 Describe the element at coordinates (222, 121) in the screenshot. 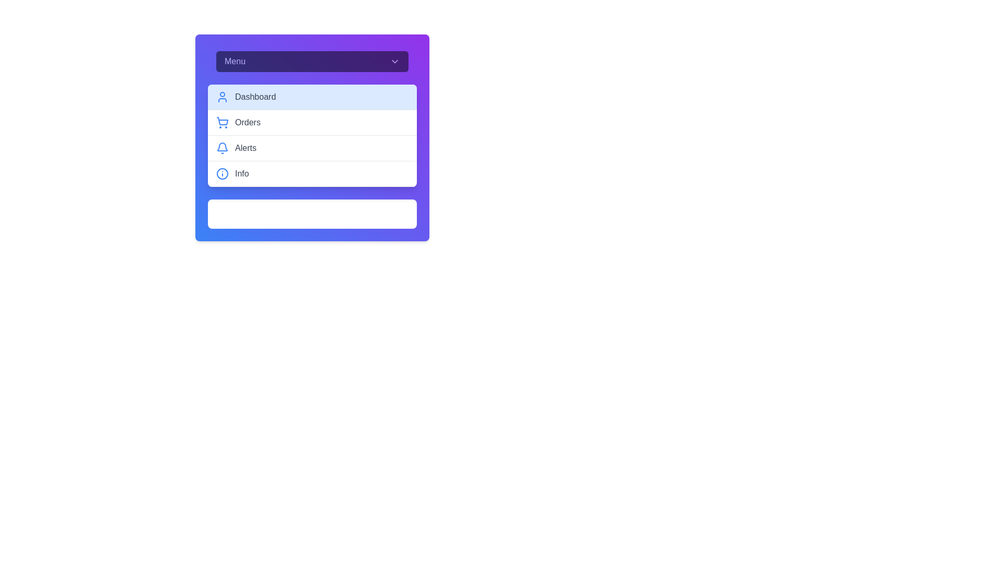

I see `the shopping cart icon in the vertical menu, which represents the 'Orders' feature` at that location.